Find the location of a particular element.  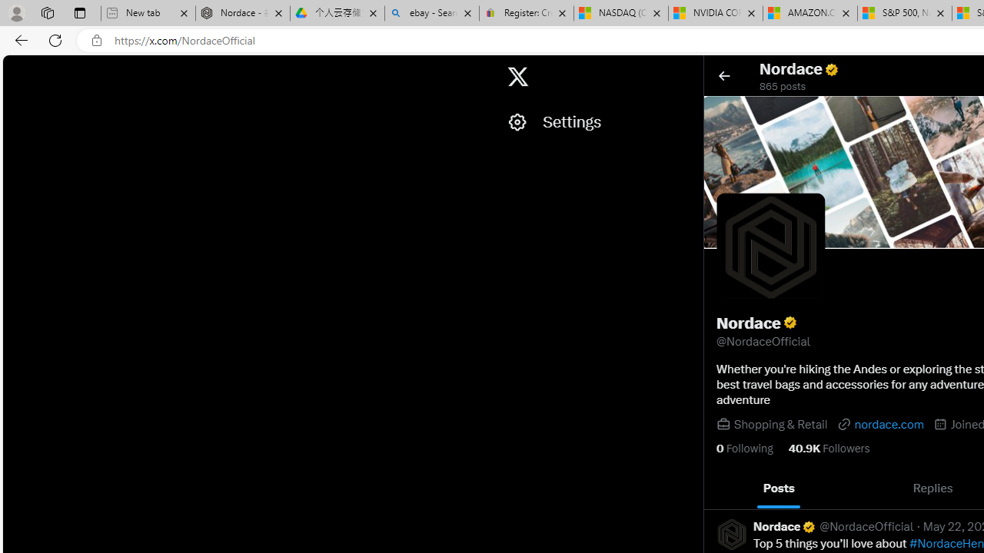

'0 Following' is located at coordinates (744, 448).